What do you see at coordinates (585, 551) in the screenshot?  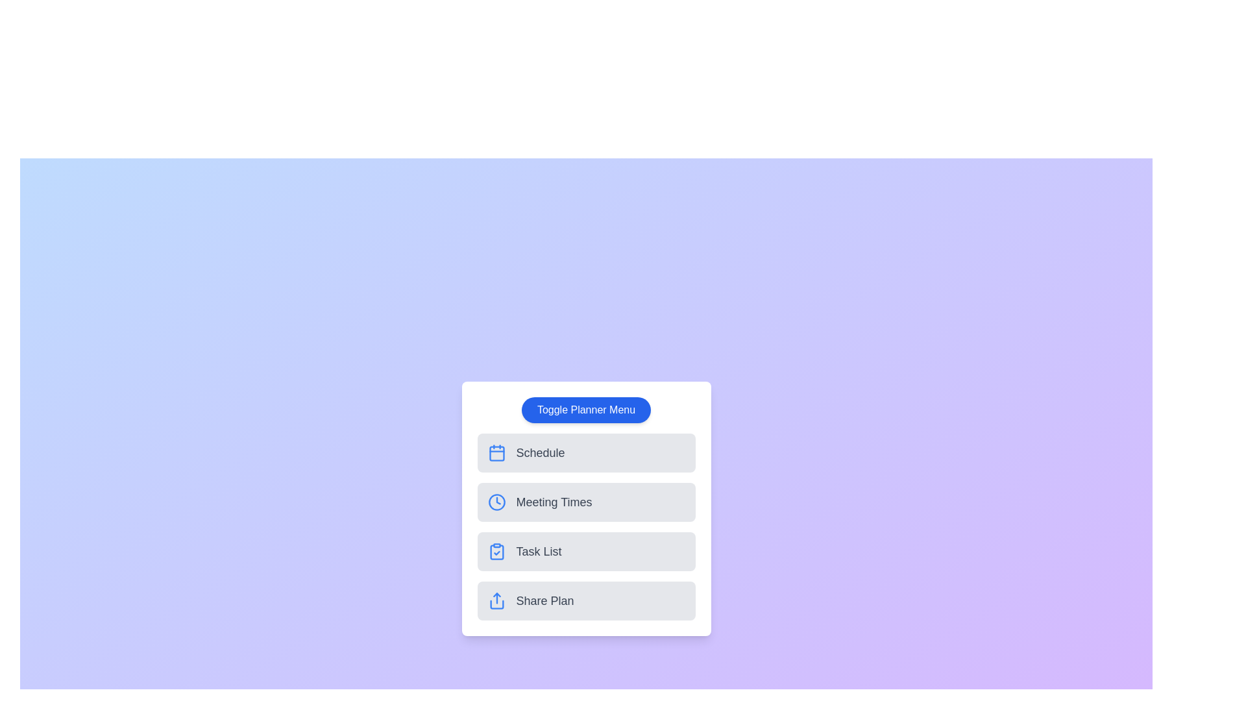 I see `the planner option Task List from the menu` at bounding box center [585, 551].